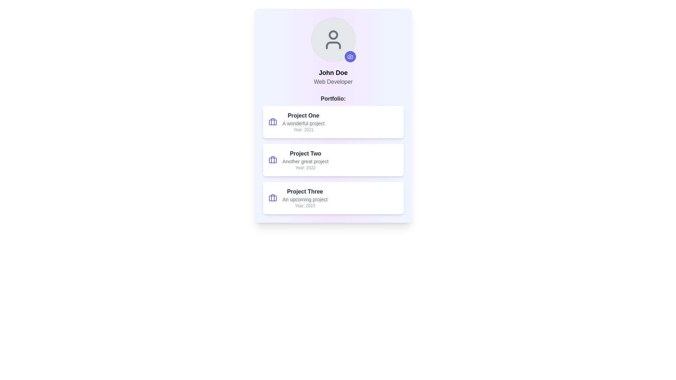  I want to click on the decorative upper-left part of the camera icon located at the top section of the profile card beside the user's profile picture, so click(350, 56).